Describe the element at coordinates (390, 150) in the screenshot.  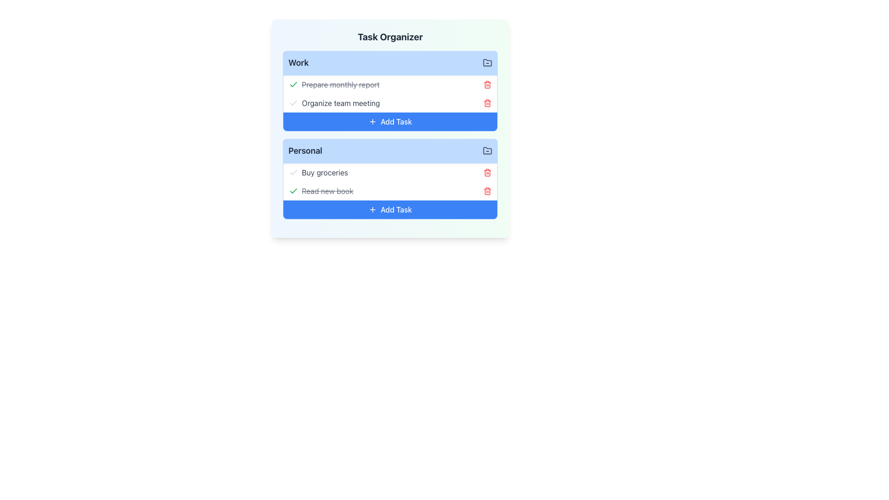
I see `the 'Personal' task category header` at that location.